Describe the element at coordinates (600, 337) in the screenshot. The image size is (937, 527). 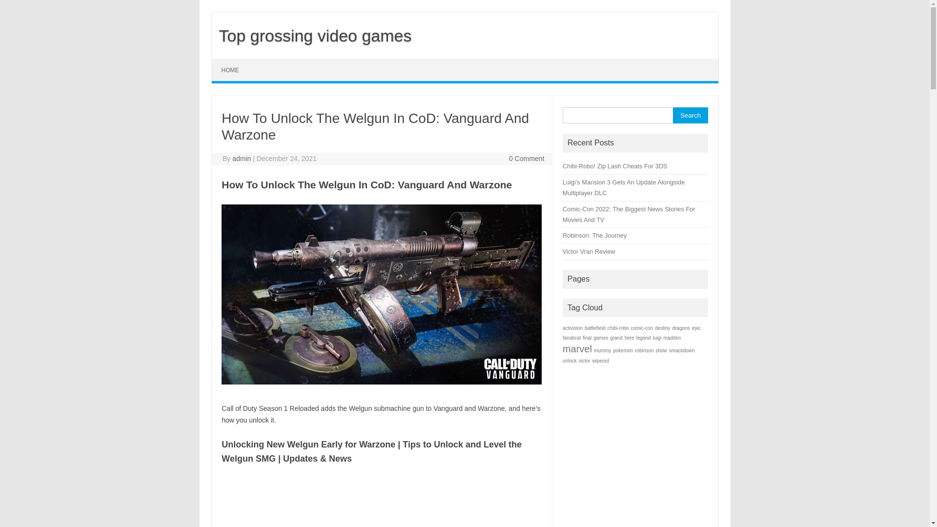
I see `'games'` at that location.